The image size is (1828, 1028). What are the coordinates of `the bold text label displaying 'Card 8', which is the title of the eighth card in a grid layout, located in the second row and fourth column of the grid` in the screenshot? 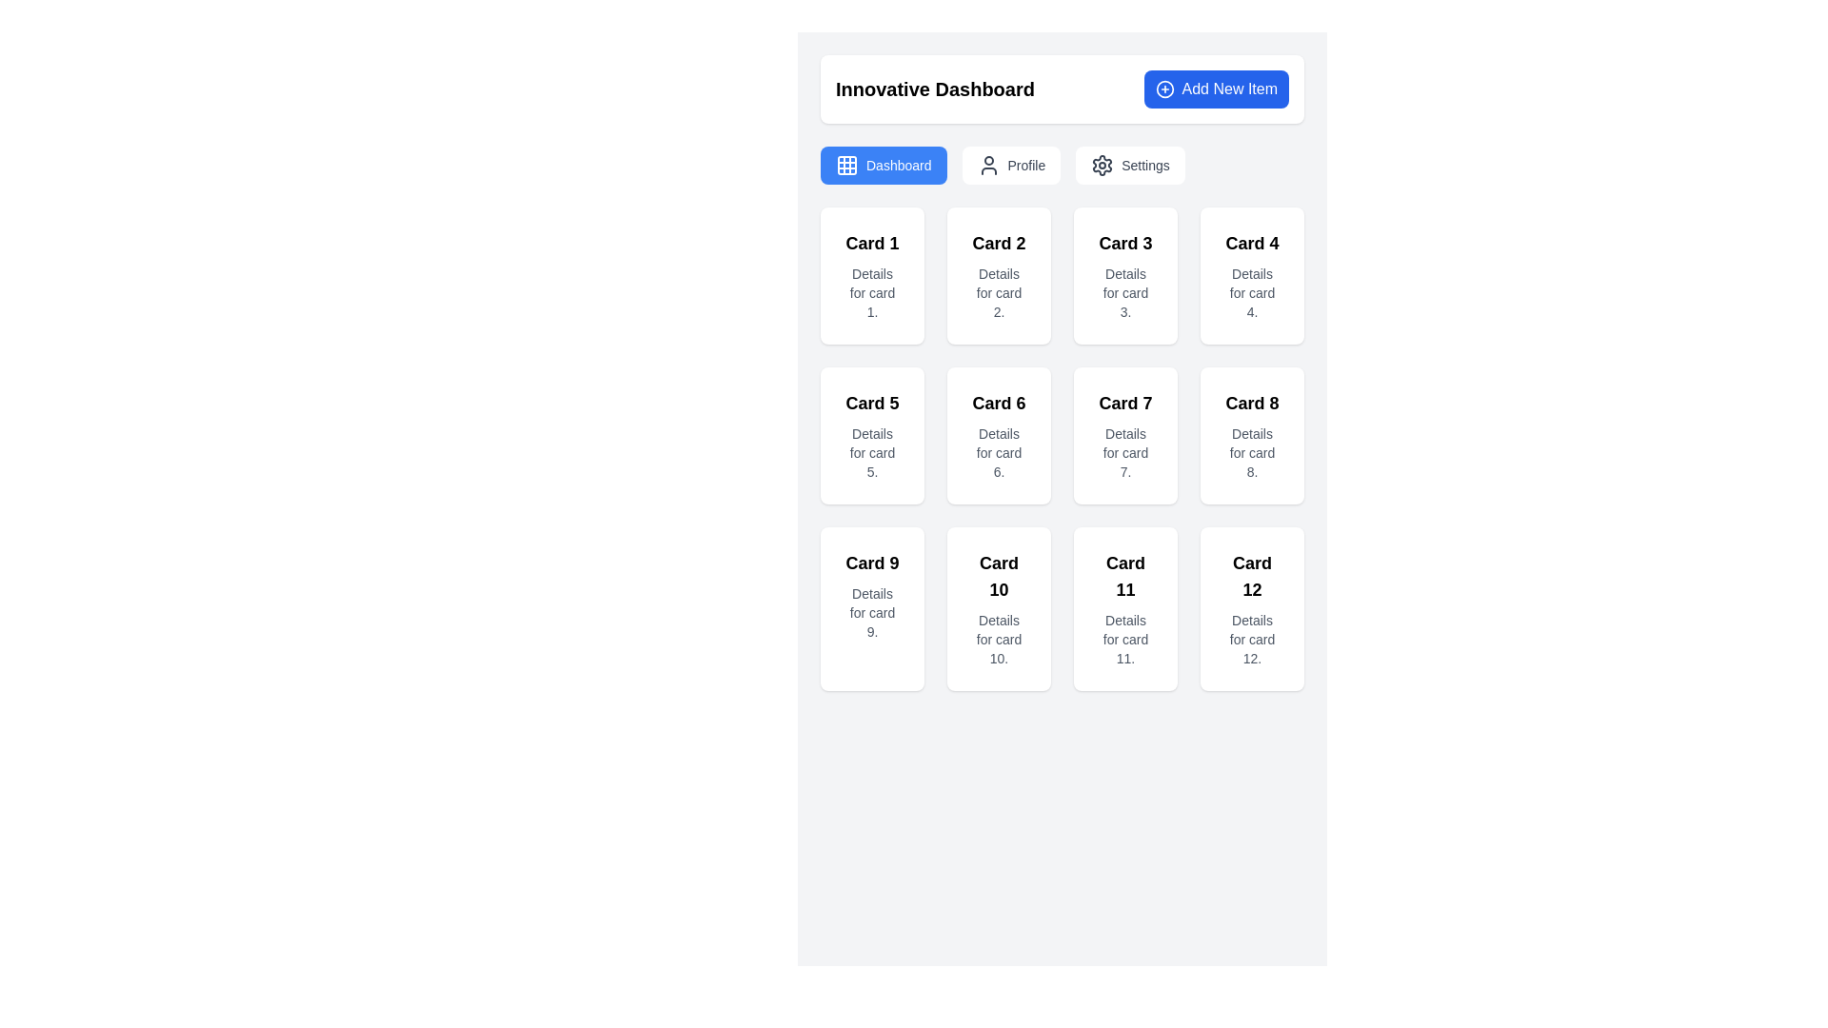 It's located at (1252, 403).